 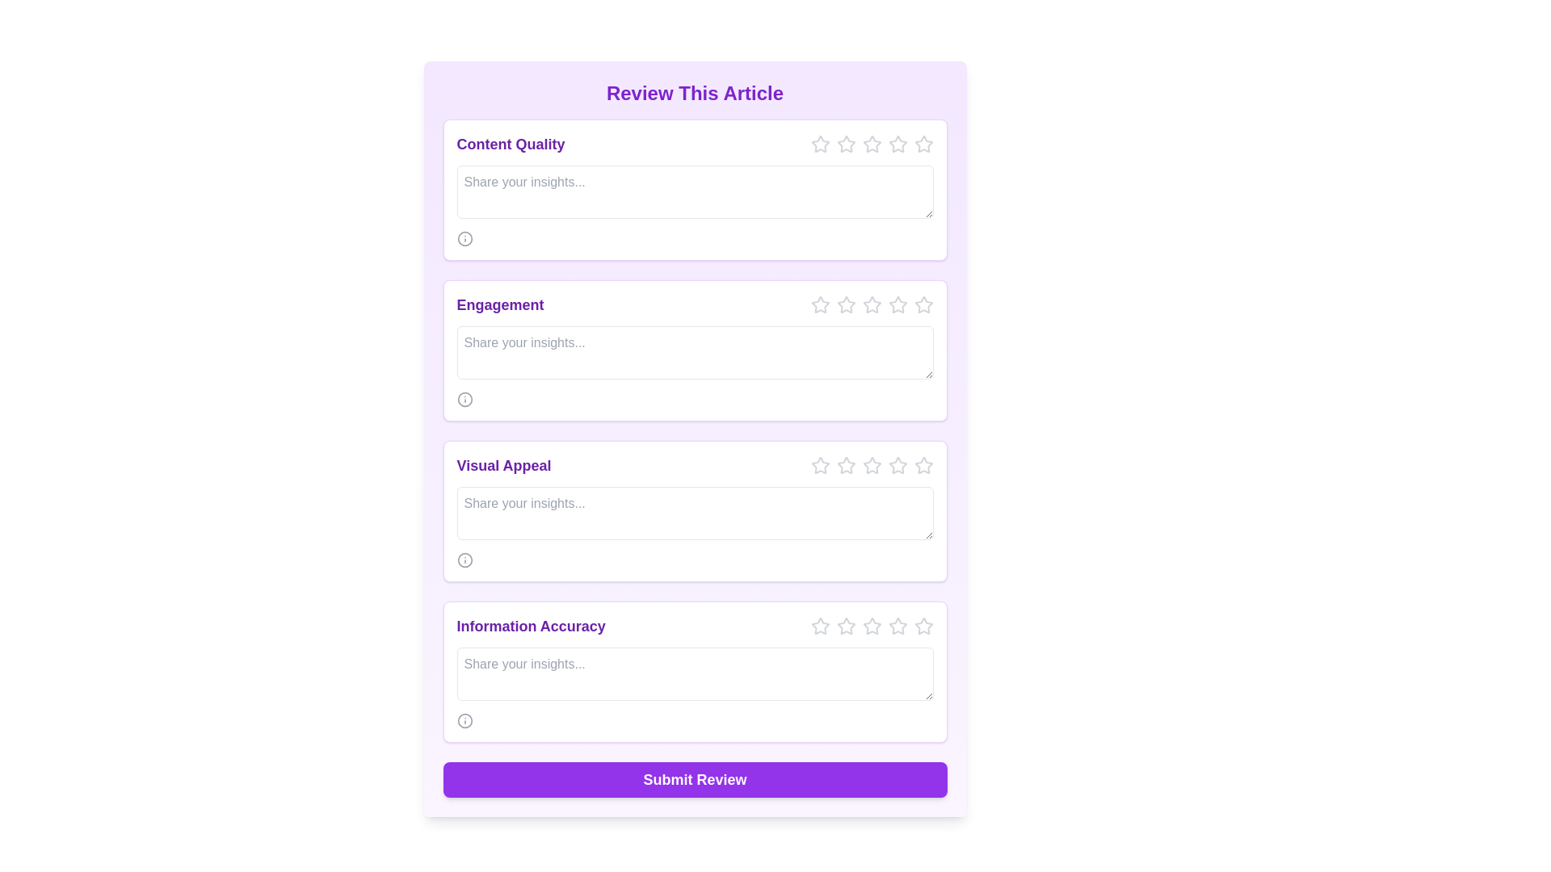 I want to click on the fourth star rating icon, so click(x=871, y=142).